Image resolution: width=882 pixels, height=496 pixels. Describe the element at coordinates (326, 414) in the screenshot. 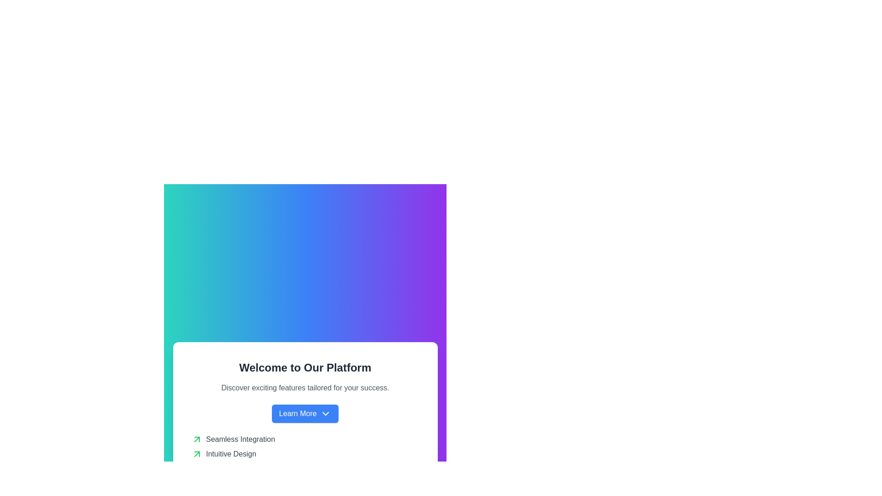

I see `the chevron icon located inside the blue 'Learn More' button` at that location.